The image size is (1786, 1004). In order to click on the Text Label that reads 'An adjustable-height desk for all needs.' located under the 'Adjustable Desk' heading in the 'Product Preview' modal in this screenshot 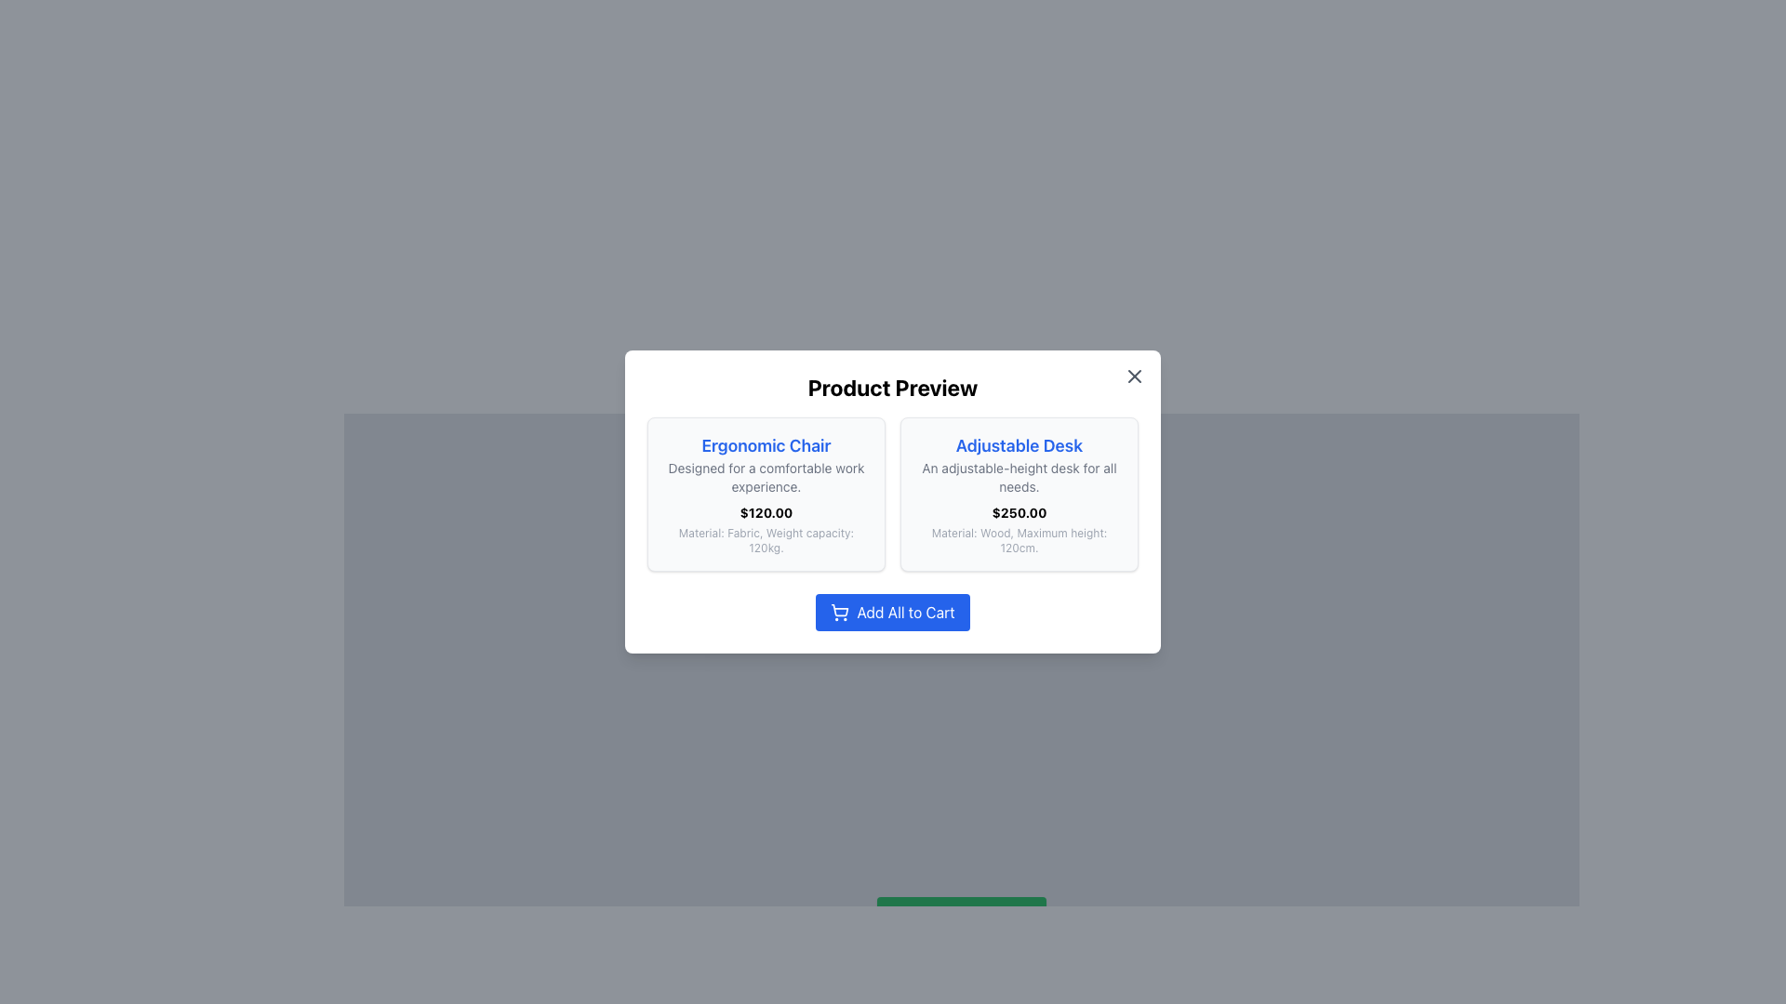, I will do `click(1018, 476)`.